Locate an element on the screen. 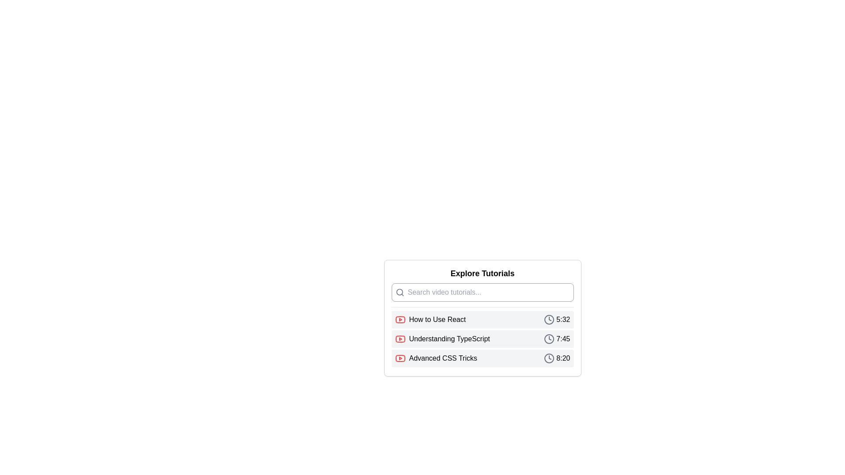  the YouTube video icon preceding the 'How to Use React' tutorial in the tutorial table is located at coordinates (400, 319).